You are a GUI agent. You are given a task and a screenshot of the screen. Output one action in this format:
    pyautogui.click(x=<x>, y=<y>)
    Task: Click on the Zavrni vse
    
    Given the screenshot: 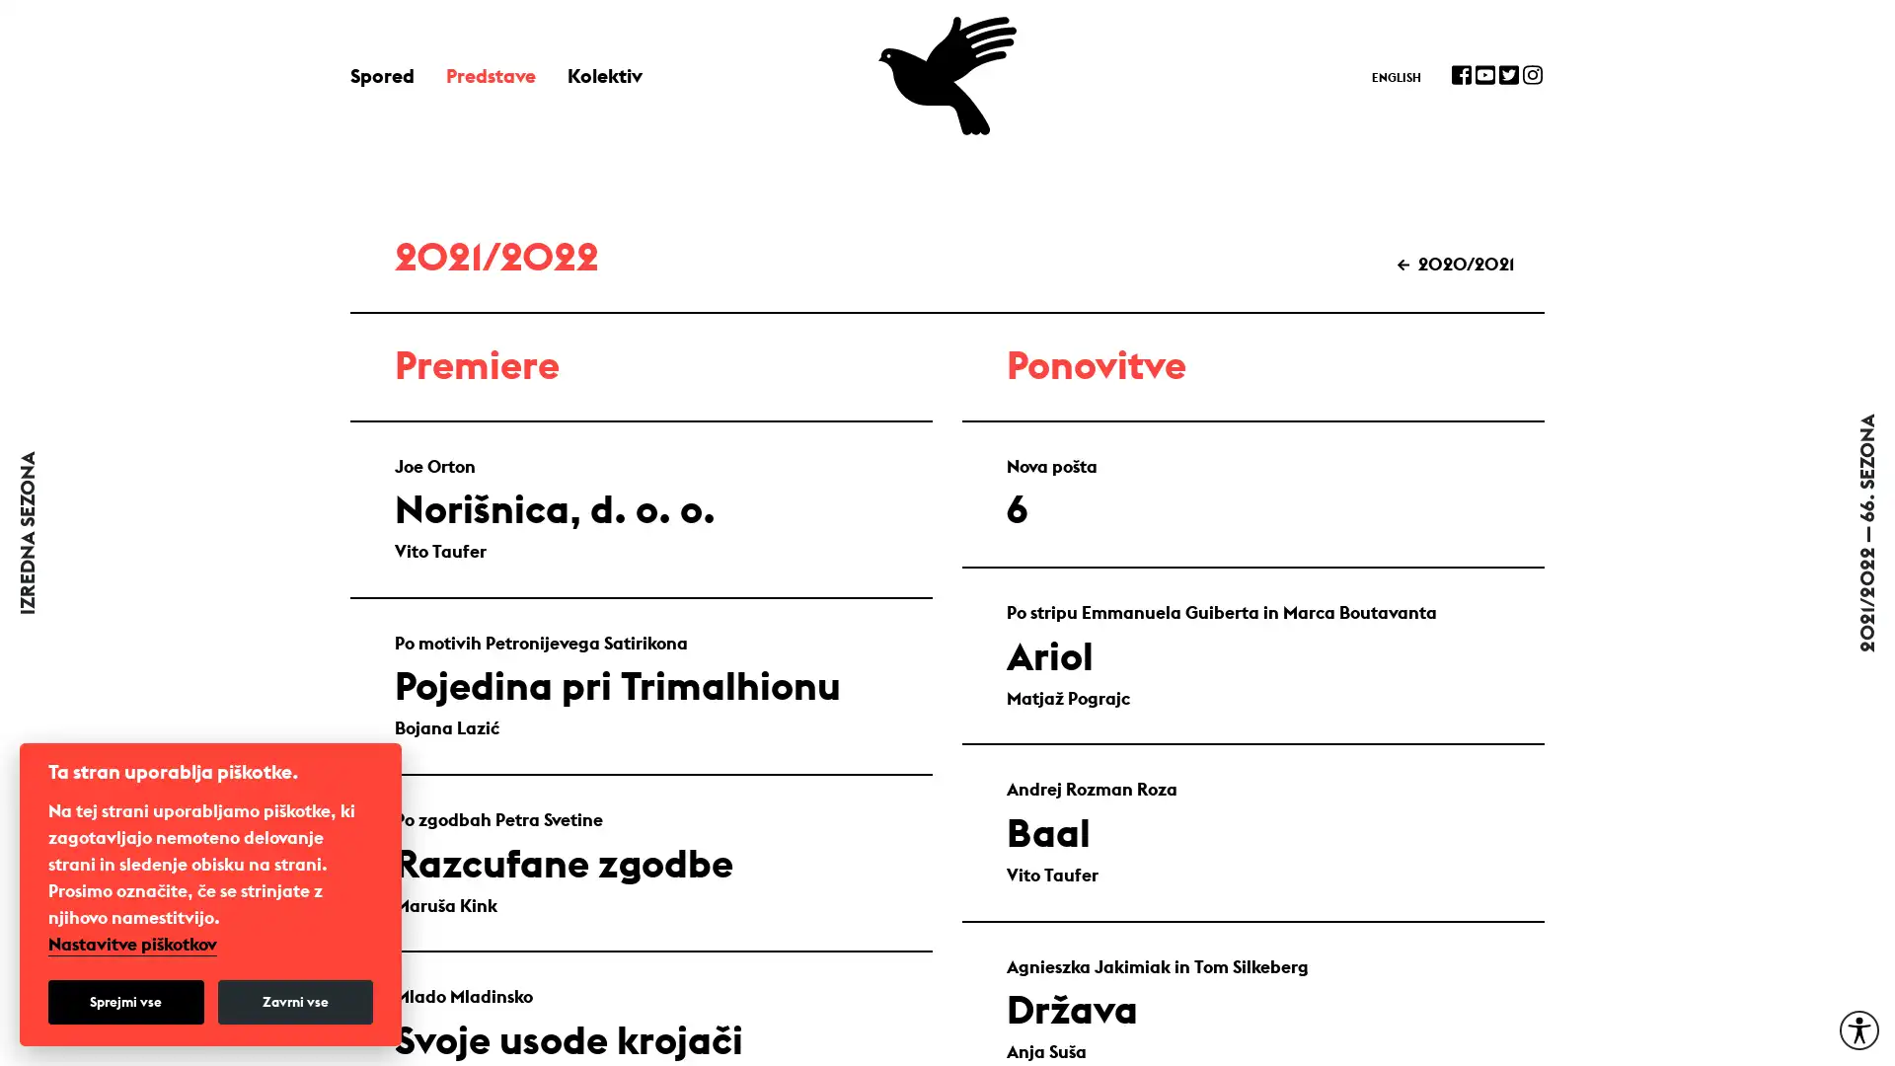 What is the action you would take?
    pyautogui.click(x=293, y=1001)
    